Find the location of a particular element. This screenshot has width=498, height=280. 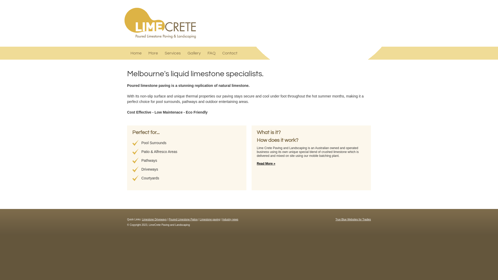

'Limestone paving' is located at coordinates (199, 219).